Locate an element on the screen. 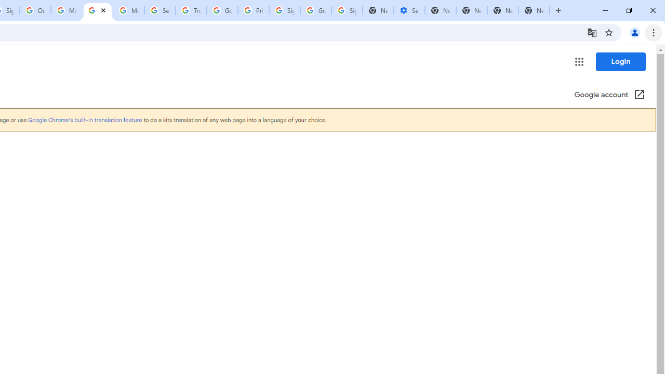 The height and width of the screenshot is (374, 665). 'New Tab' is located at coordinates (503, 10).